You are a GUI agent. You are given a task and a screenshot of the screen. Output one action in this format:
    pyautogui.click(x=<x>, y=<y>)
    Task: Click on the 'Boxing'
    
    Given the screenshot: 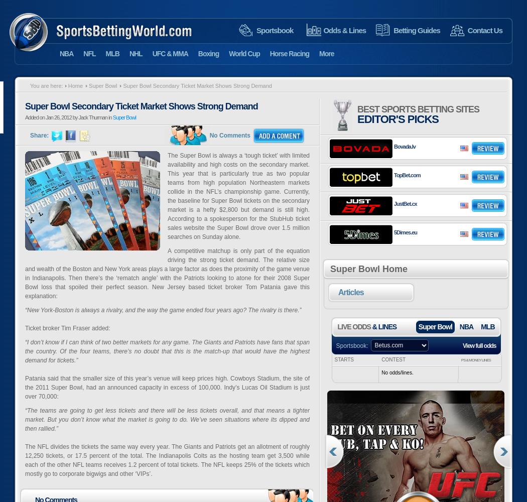 What is the action you would take?
    pyautogui.click(x=197, y=53)
    